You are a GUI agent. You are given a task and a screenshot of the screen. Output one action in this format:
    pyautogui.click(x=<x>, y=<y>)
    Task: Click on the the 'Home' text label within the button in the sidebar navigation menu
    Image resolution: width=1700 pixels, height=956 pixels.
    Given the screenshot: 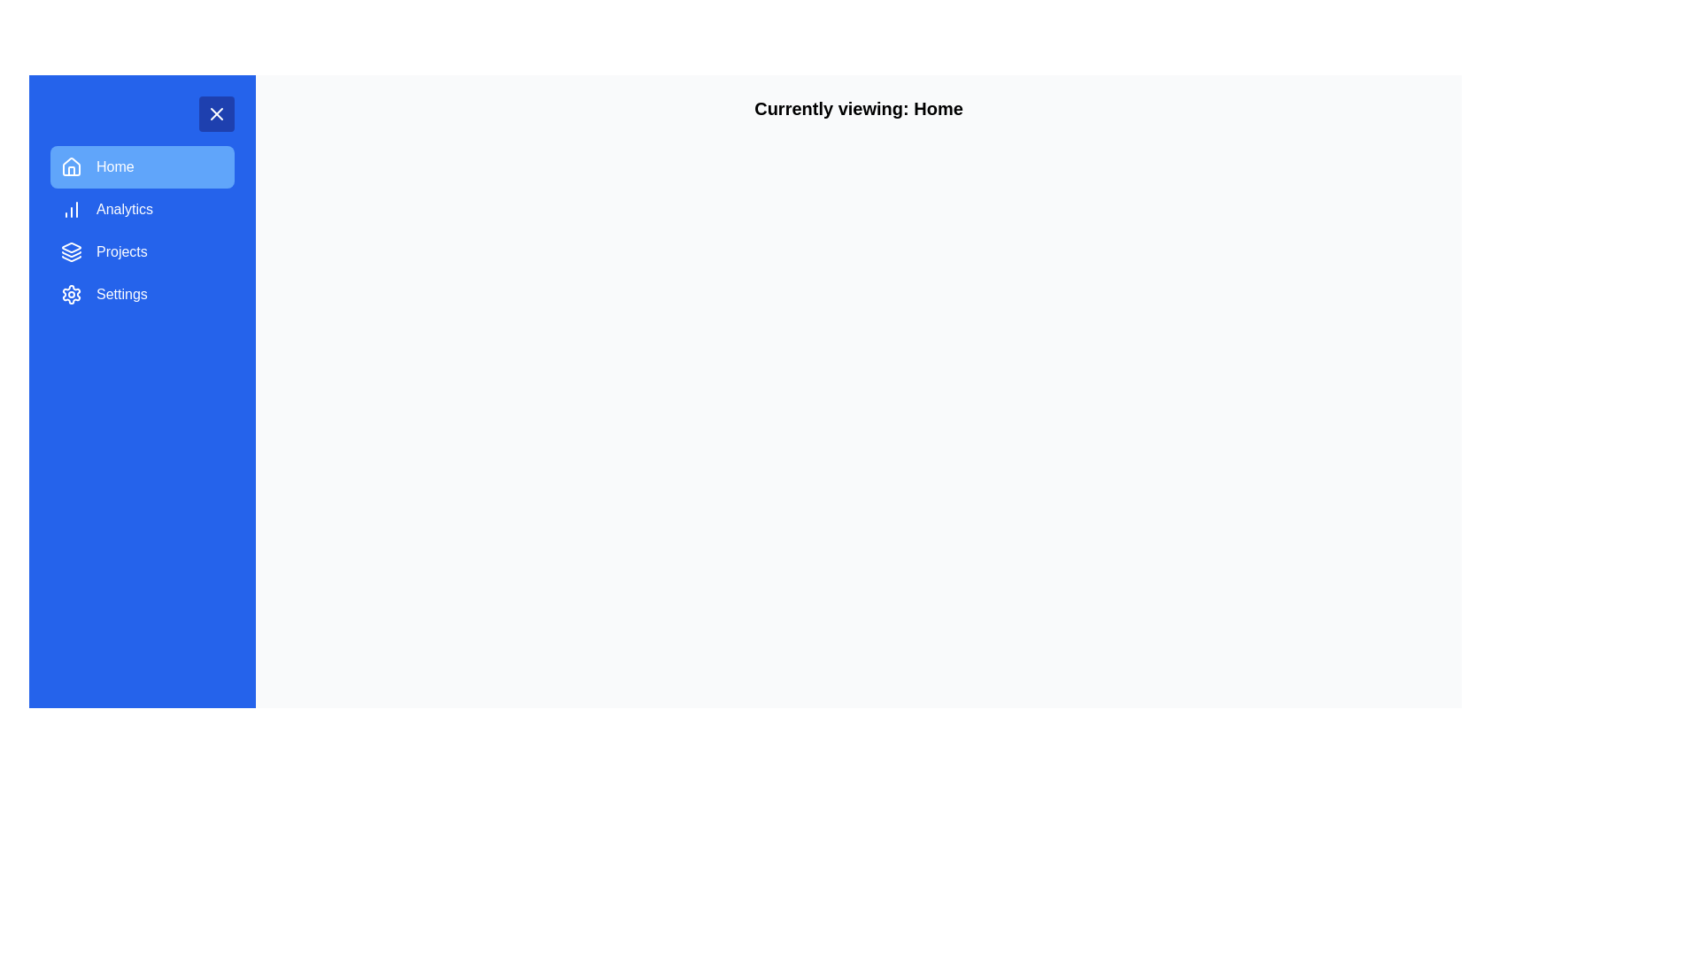 What is the action you would take?
    pyautogui.click(x=114, y=167)
    